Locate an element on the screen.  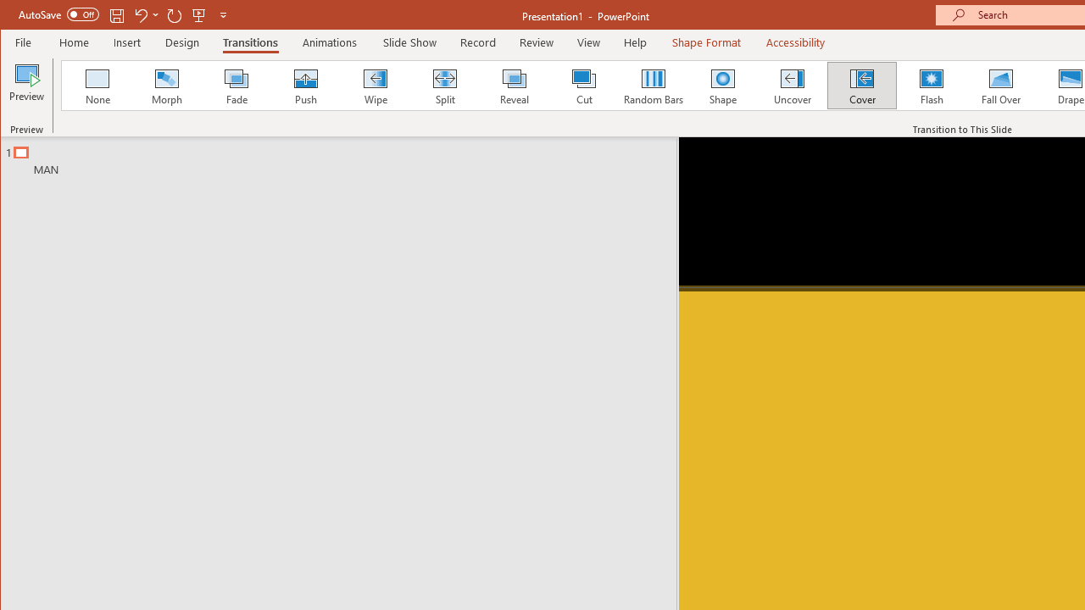
'Random Bars' is located at coordinates (652, 85).